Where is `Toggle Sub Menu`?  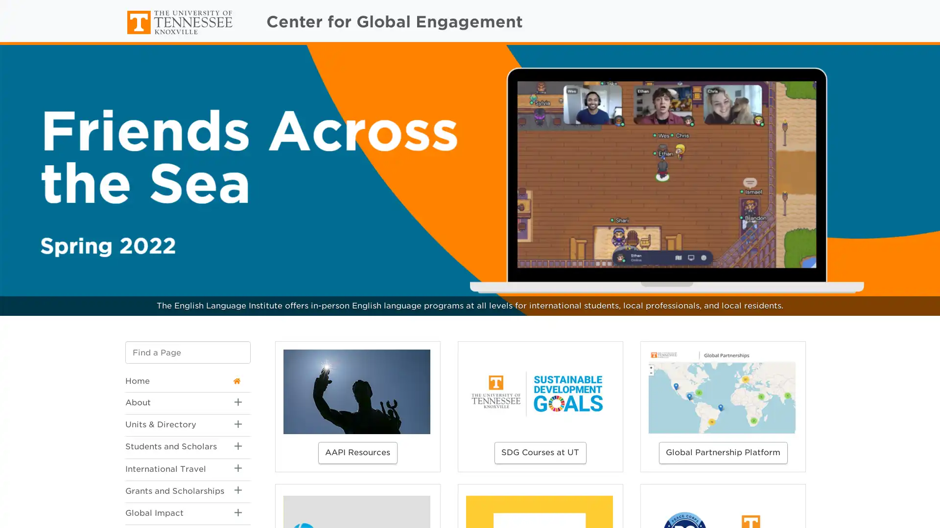 Toggle Sub Menu is located at coordinates (237, 469).